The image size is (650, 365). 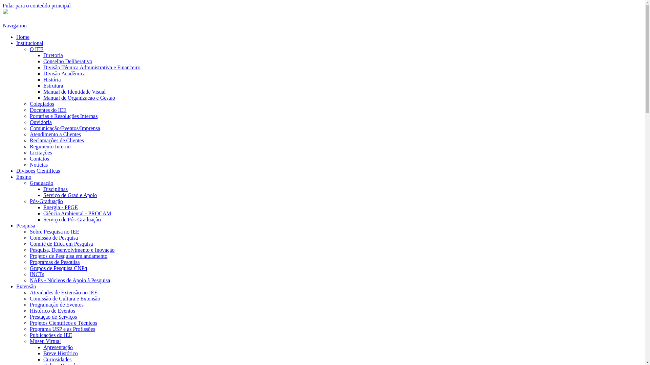 I want to click on 'Diretoria', so click(x=43, y=55).